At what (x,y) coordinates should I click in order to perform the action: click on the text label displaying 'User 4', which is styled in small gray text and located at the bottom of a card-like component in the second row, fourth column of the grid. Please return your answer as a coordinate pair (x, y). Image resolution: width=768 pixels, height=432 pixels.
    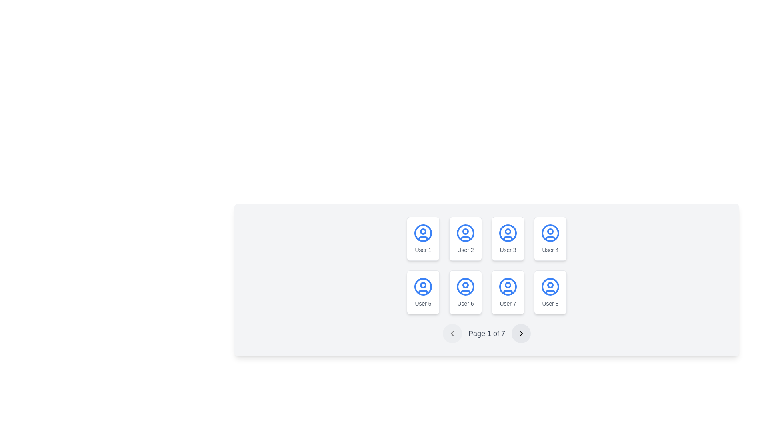
    Looking at the image, I should click on (550, 249).